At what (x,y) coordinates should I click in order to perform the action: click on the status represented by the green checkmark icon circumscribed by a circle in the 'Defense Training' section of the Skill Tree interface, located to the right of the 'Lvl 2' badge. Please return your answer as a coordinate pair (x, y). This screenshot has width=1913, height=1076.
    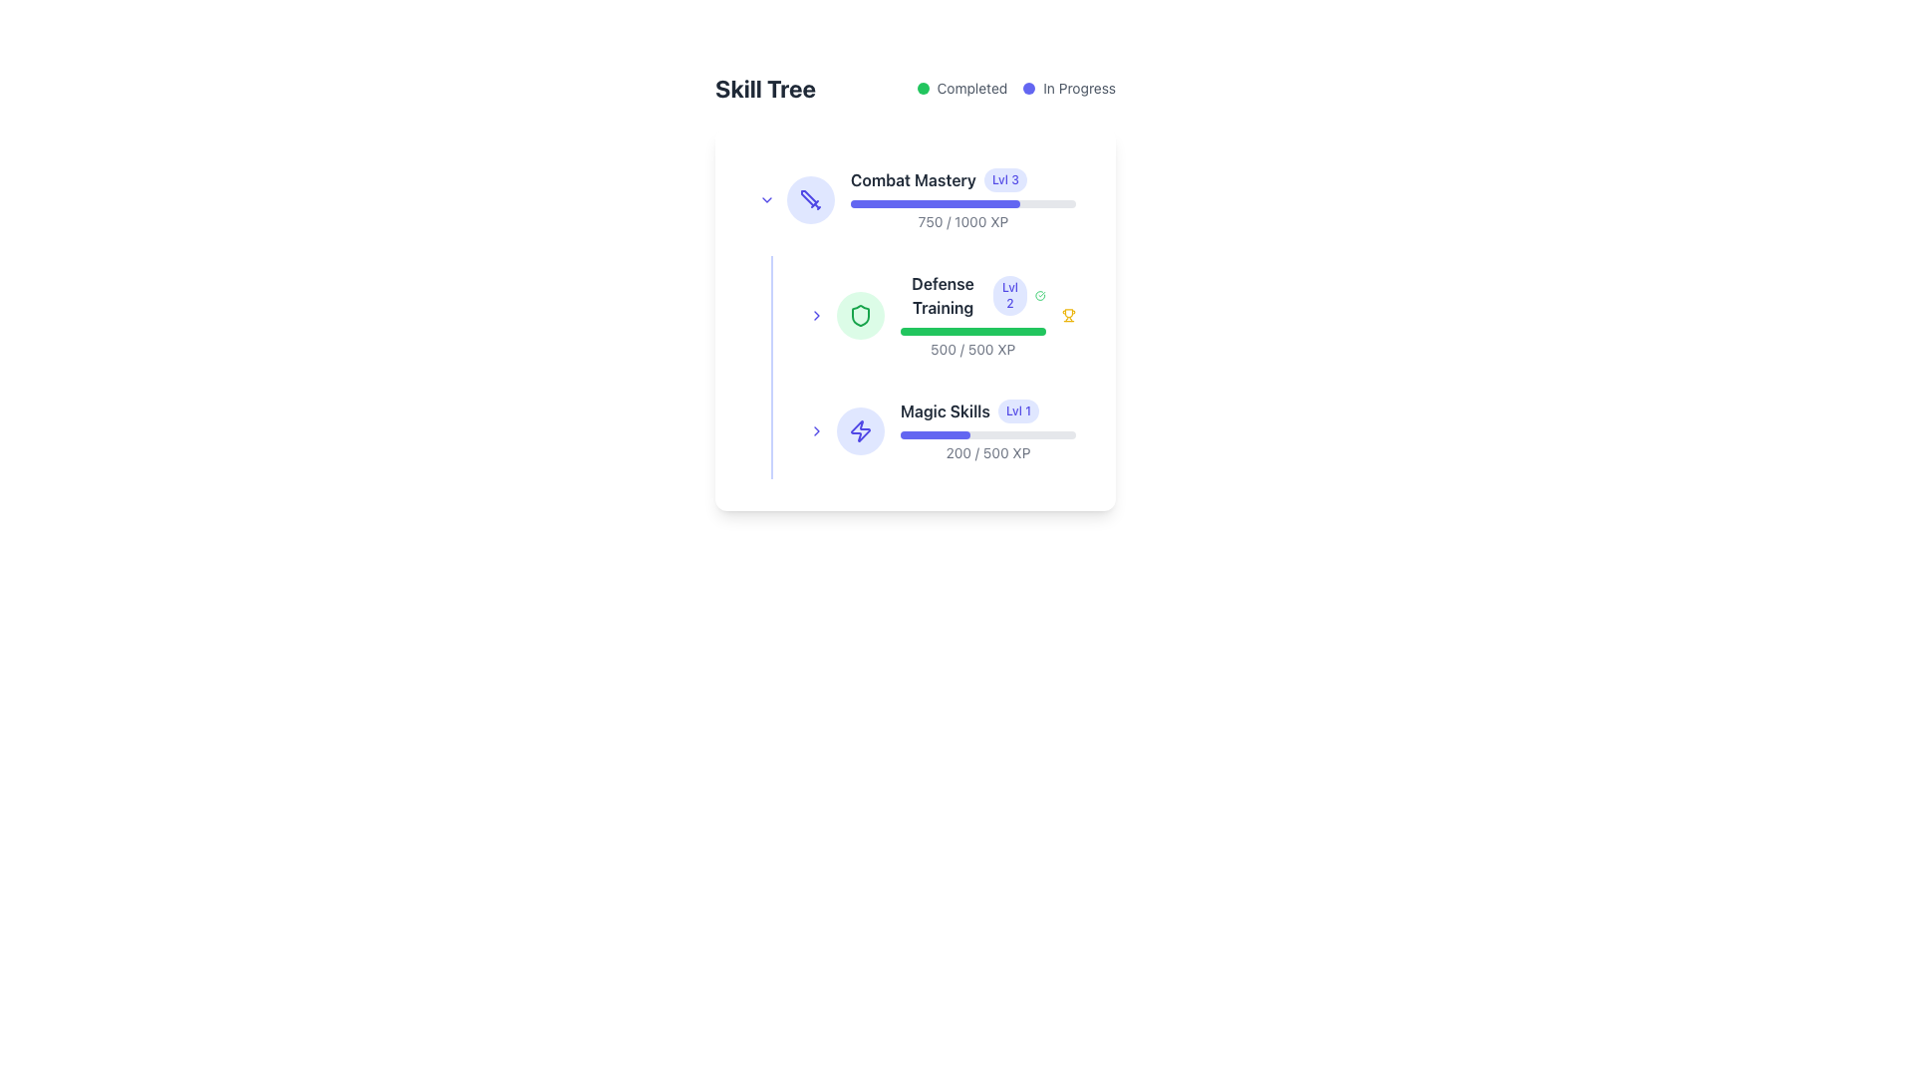
    Looking at the image, I should click on (1039, 296).